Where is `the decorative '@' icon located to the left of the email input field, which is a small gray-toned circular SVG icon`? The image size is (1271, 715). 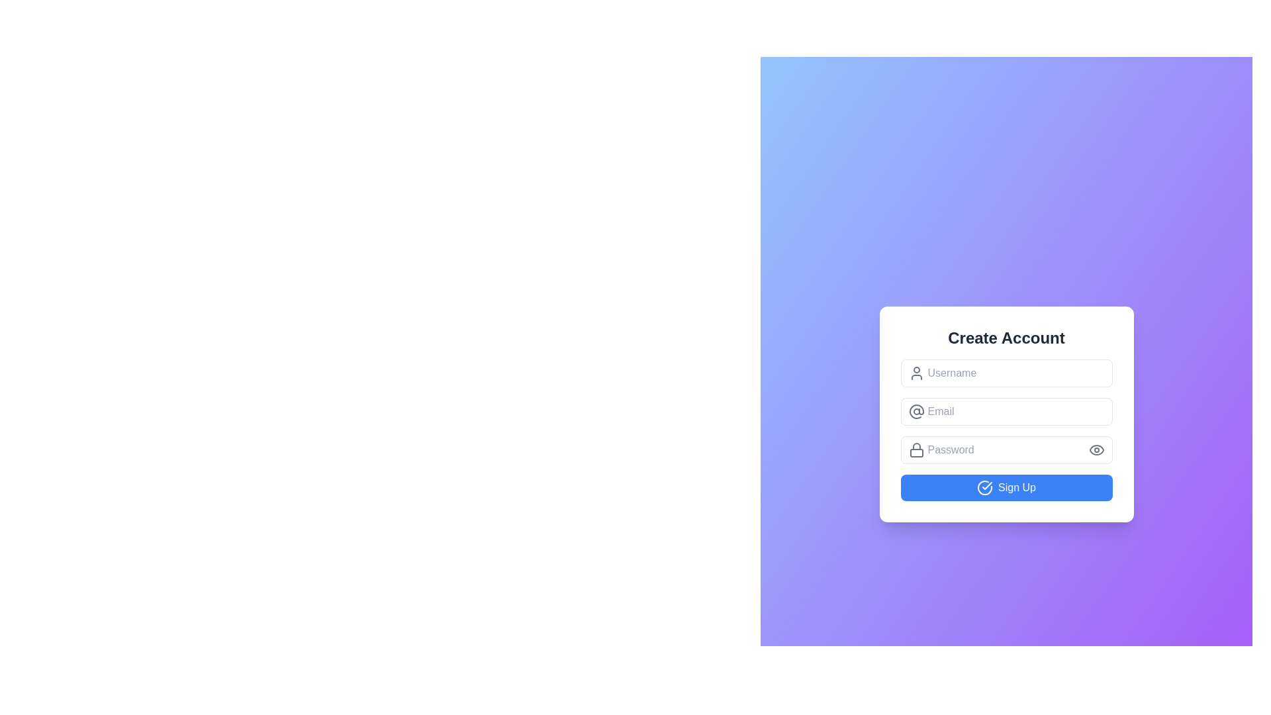 the decorative '@' icon located to the left of the email input field, which is a small gray-toned circular SVG icon is located at coordinates (916, 410).